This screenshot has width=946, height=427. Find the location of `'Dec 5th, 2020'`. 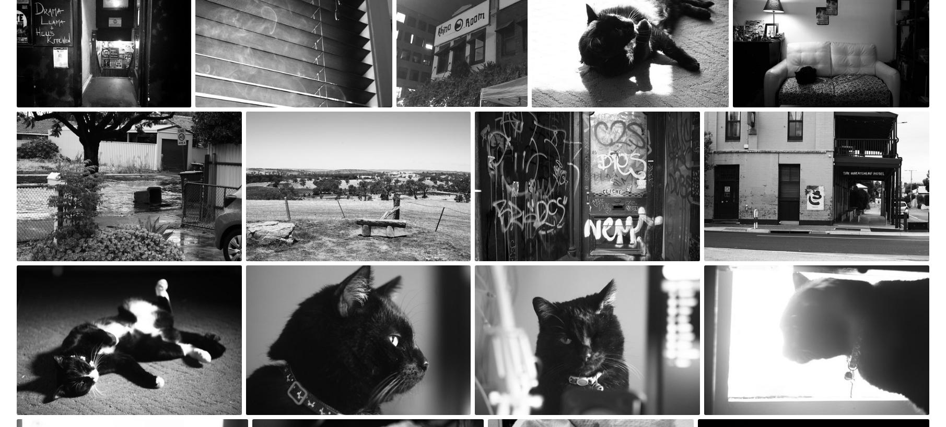

'Dec 5th, 2020' is located at coordinates (708, 119).